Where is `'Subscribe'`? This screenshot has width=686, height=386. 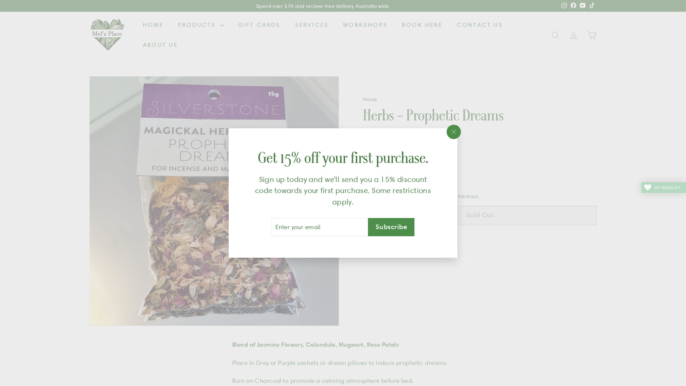
'Subscribe' is located at coordinates (391, 227).